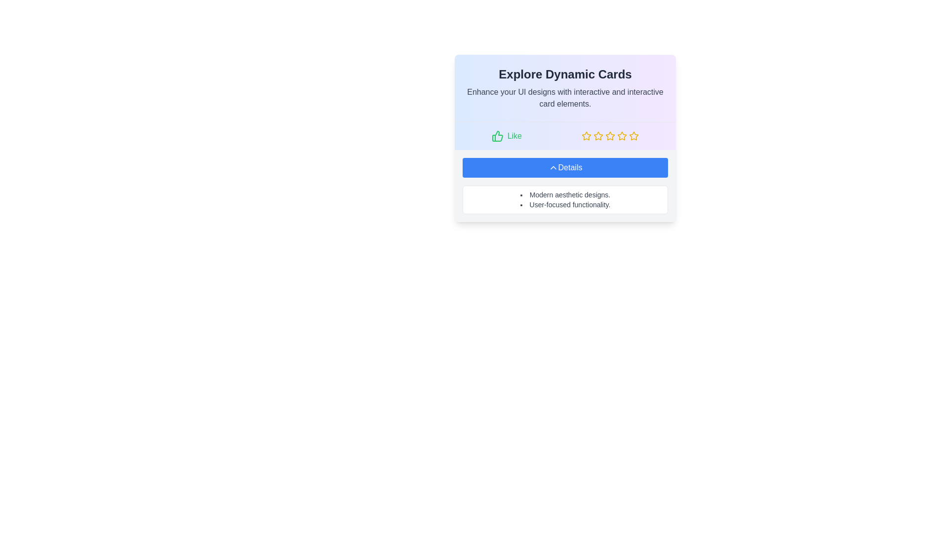  I want to click on the first item in the bulleted list located near the bottom section of the card layout, directly below the 'Details' button, so click(565, 194).